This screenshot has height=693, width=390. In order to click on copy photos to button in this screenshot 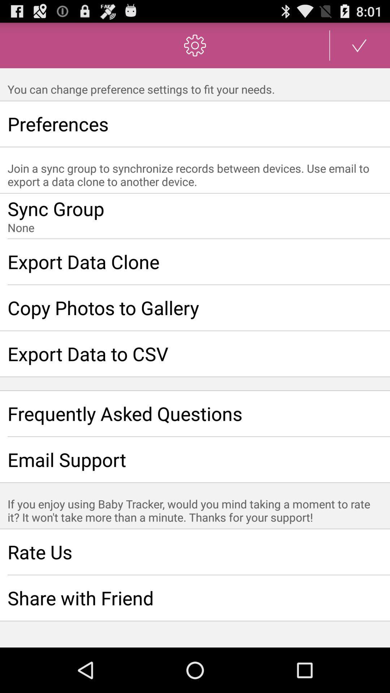, I will do `click(195, 308)`.